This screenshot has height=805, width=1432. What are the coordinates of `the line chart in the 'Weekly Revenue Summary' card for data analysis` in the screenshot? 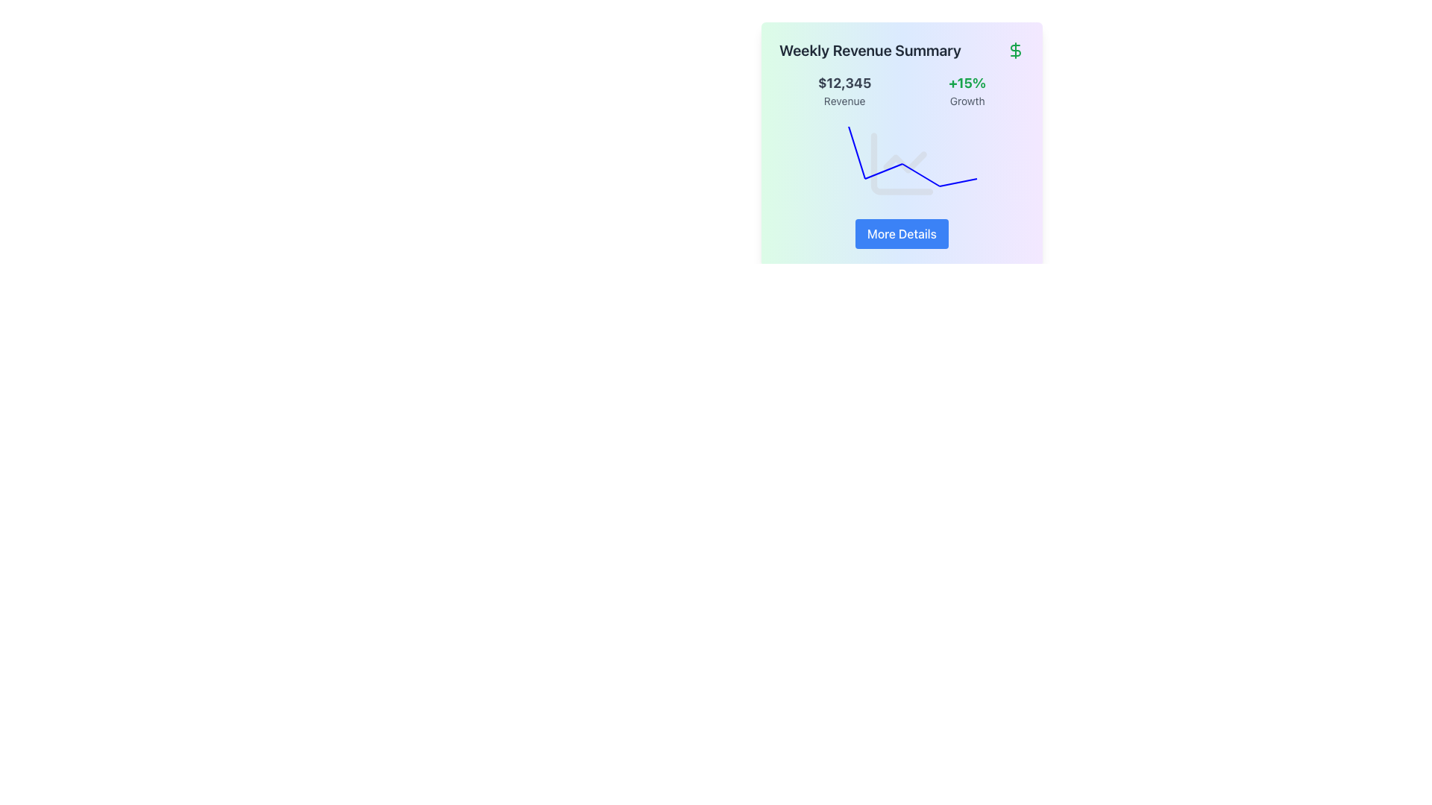 It's located at (901, 163).